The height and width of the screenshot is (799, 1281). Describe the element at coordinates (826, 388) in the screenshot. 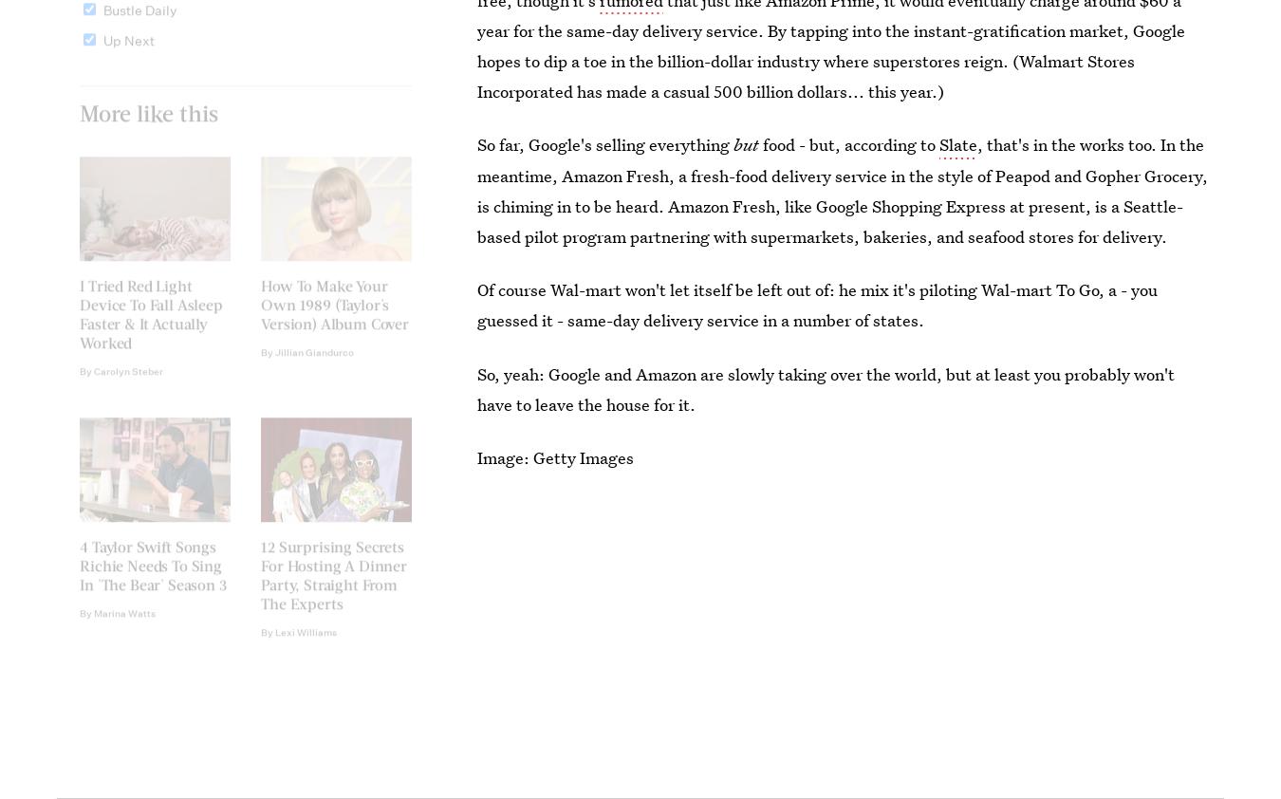

I see `'So, yeah: Google and Amazon are slowly taking over the world, but at least you probably won't have to leave the house for it.'` at that location.